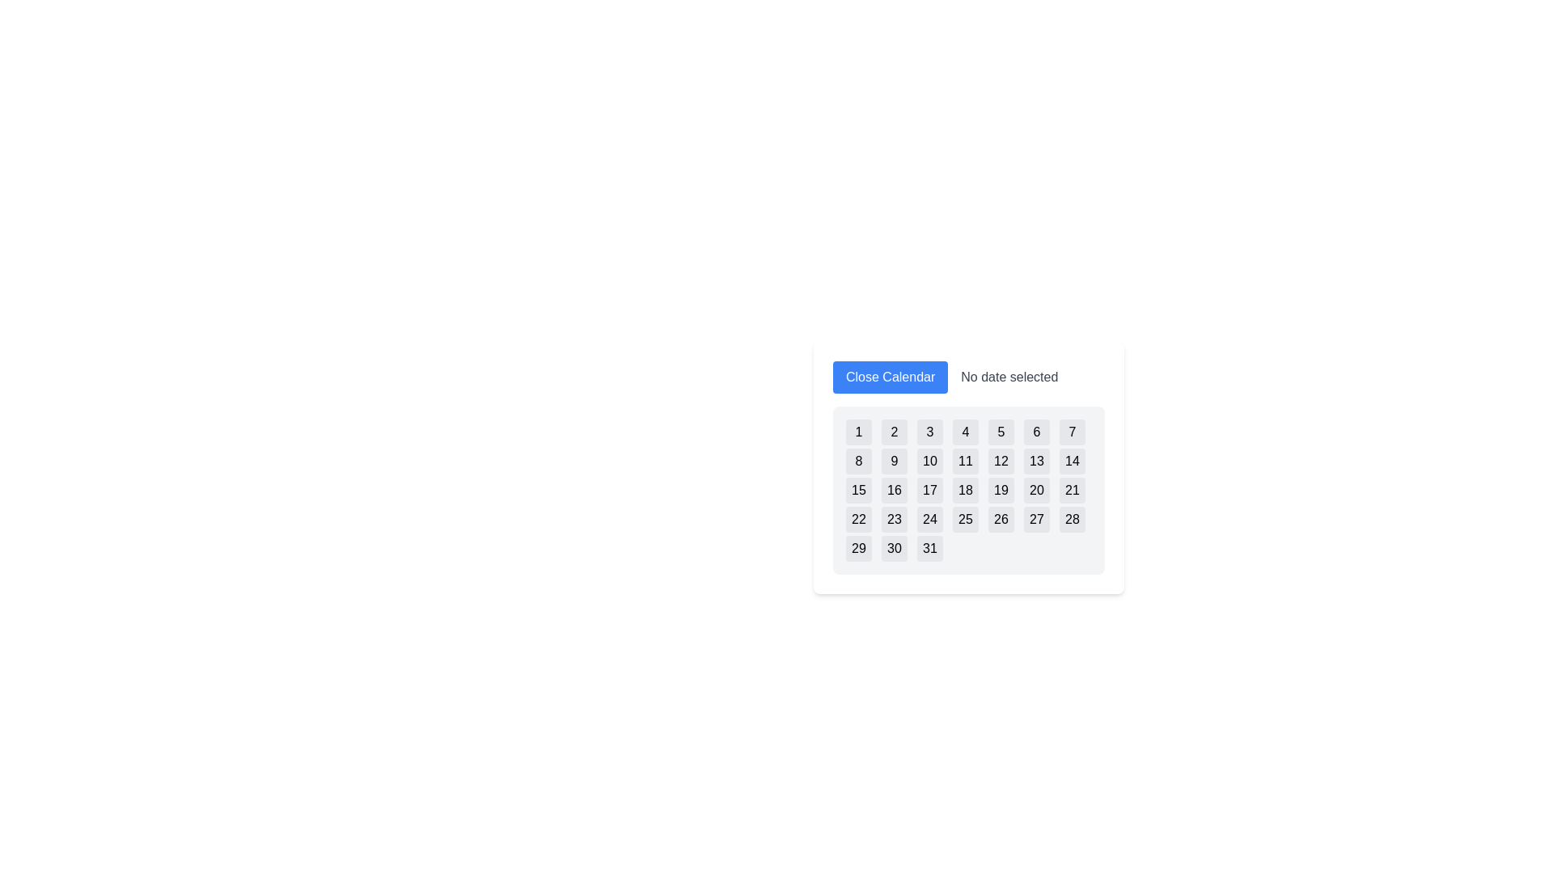  I want to click on the square button with rounded corners that contains the number '25' in black, located in the 4th row and 4th column of the grid layout in the calendar popup interface, so click(966, 520).